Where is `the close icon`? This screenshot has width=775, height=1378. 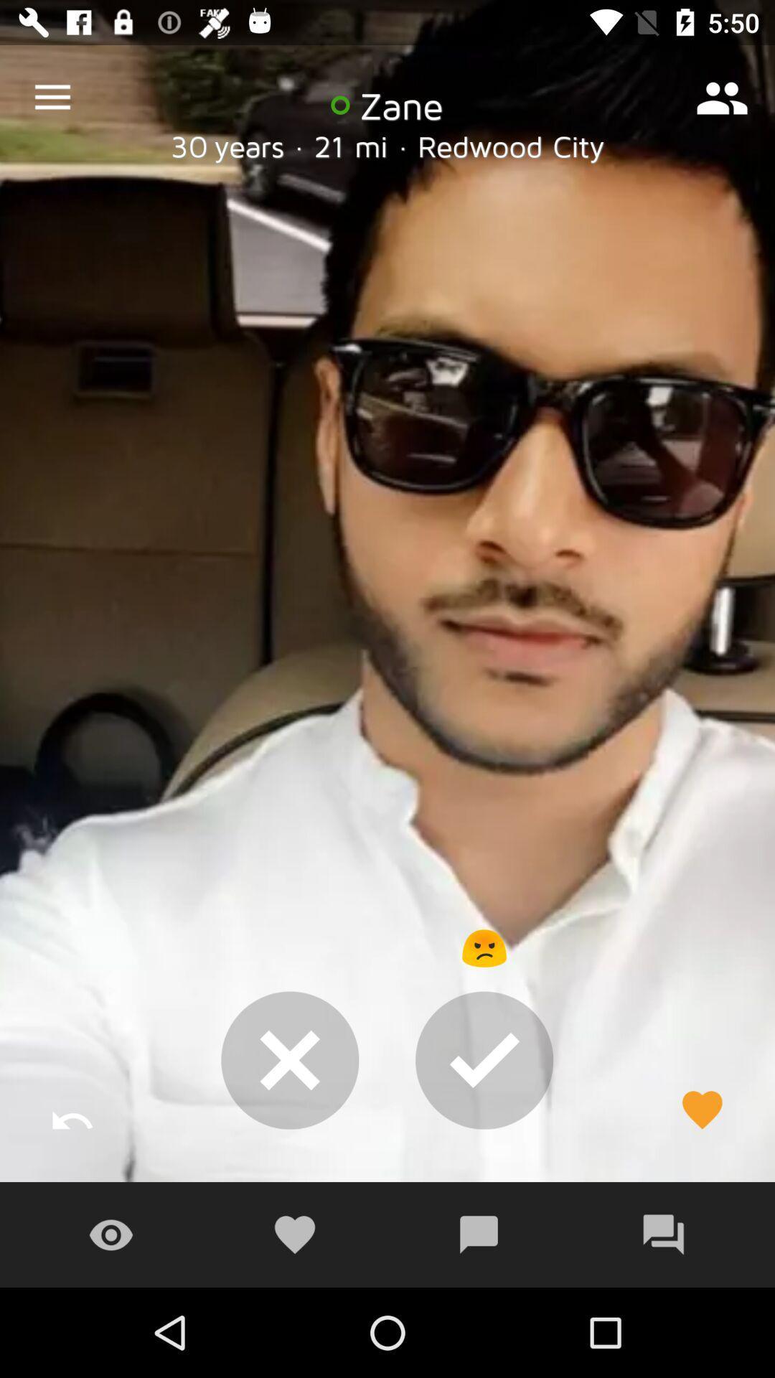 the close icon is located at coordinates (290, 1060).